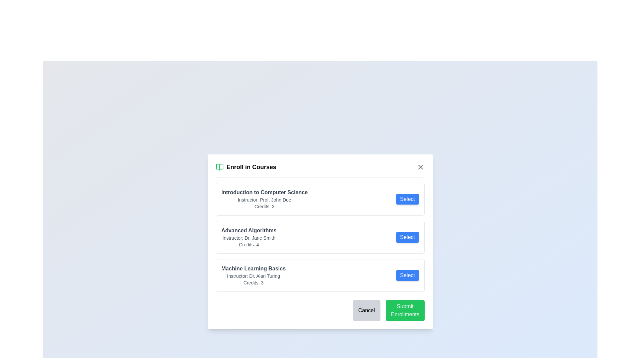 The width and height of the screenshot is (643, 361). Describe the element at coordinates (264, 199) in the screenshot. I see `the text-based informational block displaying the header 'Introduction to Computer Science', which includes instructor and credits information, positioned above other course entries in a modal` at that location.